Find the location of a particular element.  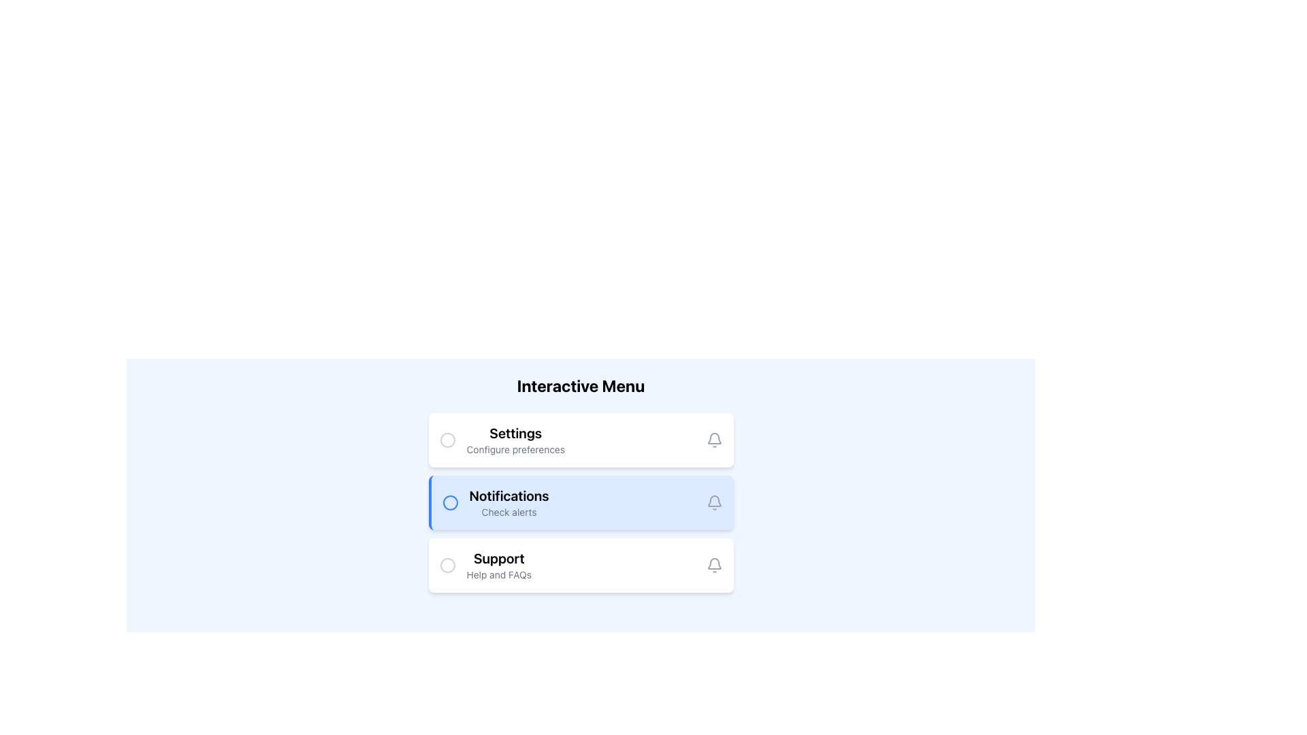

the 'Notifications' text label, which is styled in bold and larger than the subtitle, located in the menu block with a light blue background, positioned between a circular icon and a notification bell icon is located at coordinates (509, 496).